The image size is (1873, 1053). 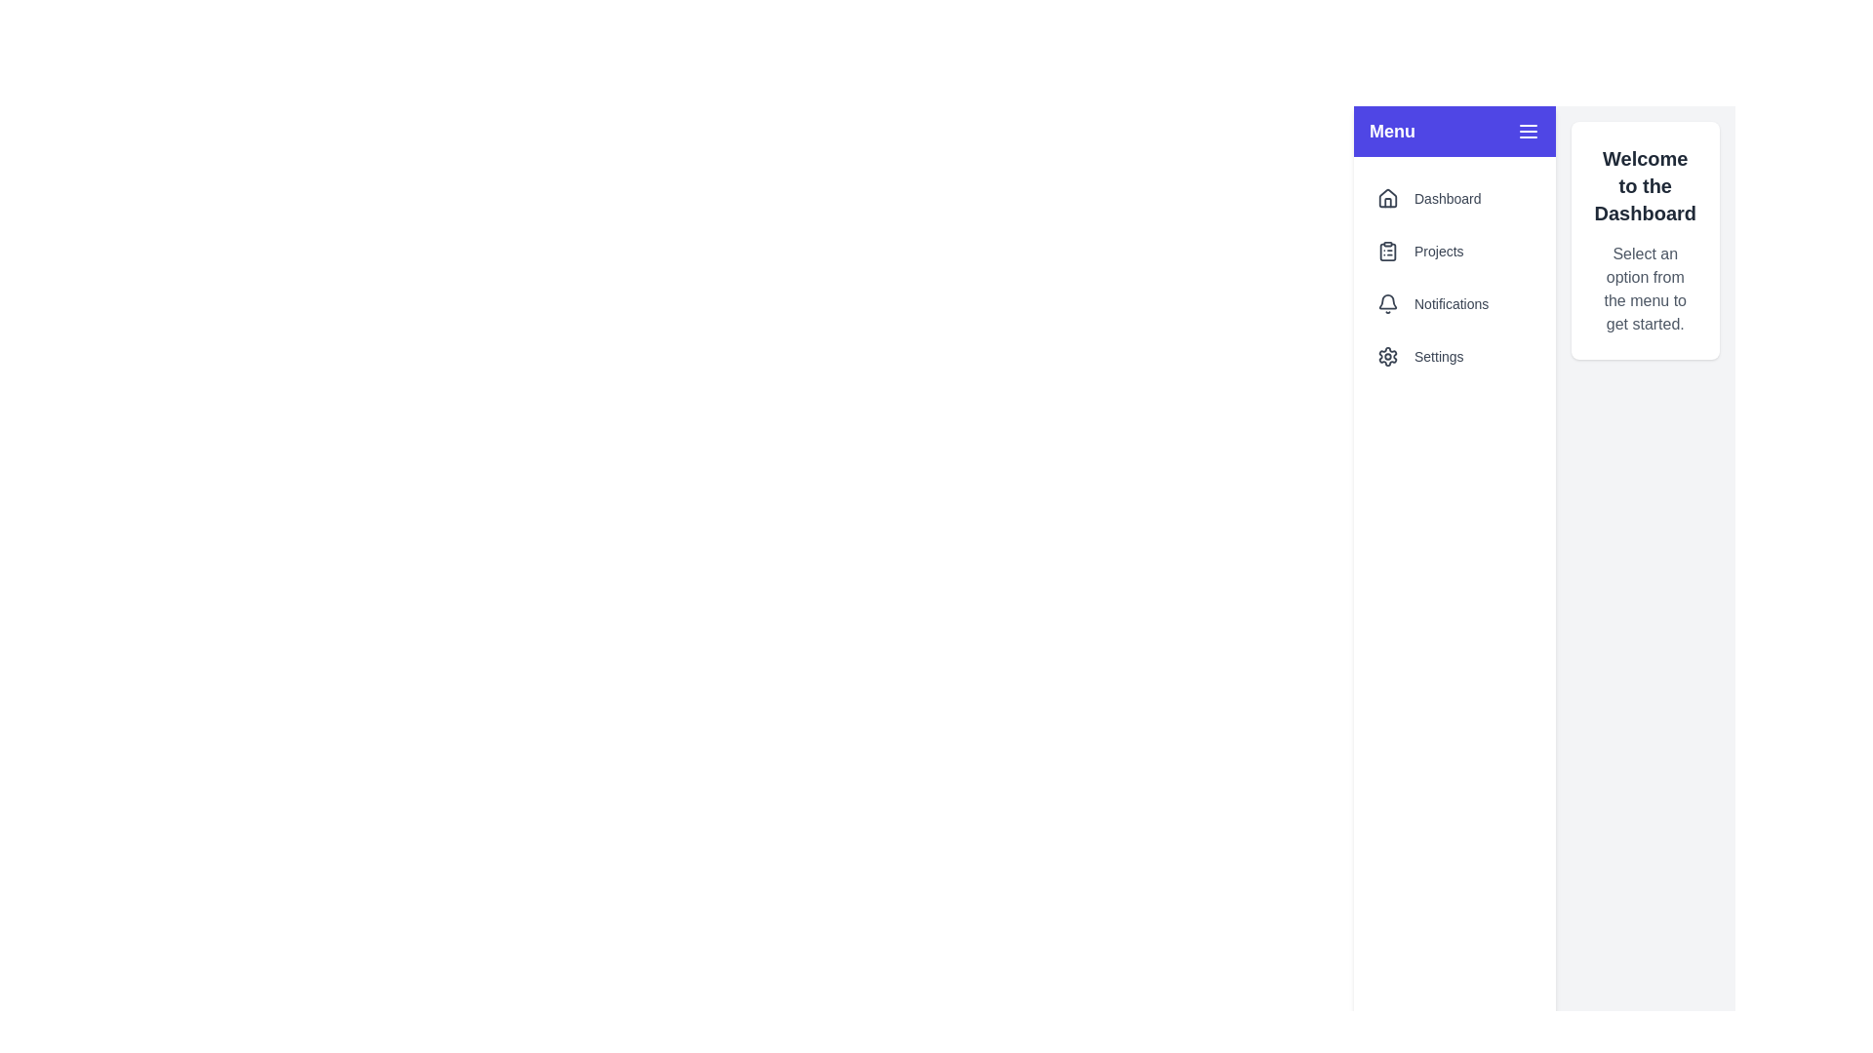 What do you see at coordinates (1455, 199) in the screenshot?
I see `the menu item Dashboard from the drawer` at bounding box center [1455, 199].